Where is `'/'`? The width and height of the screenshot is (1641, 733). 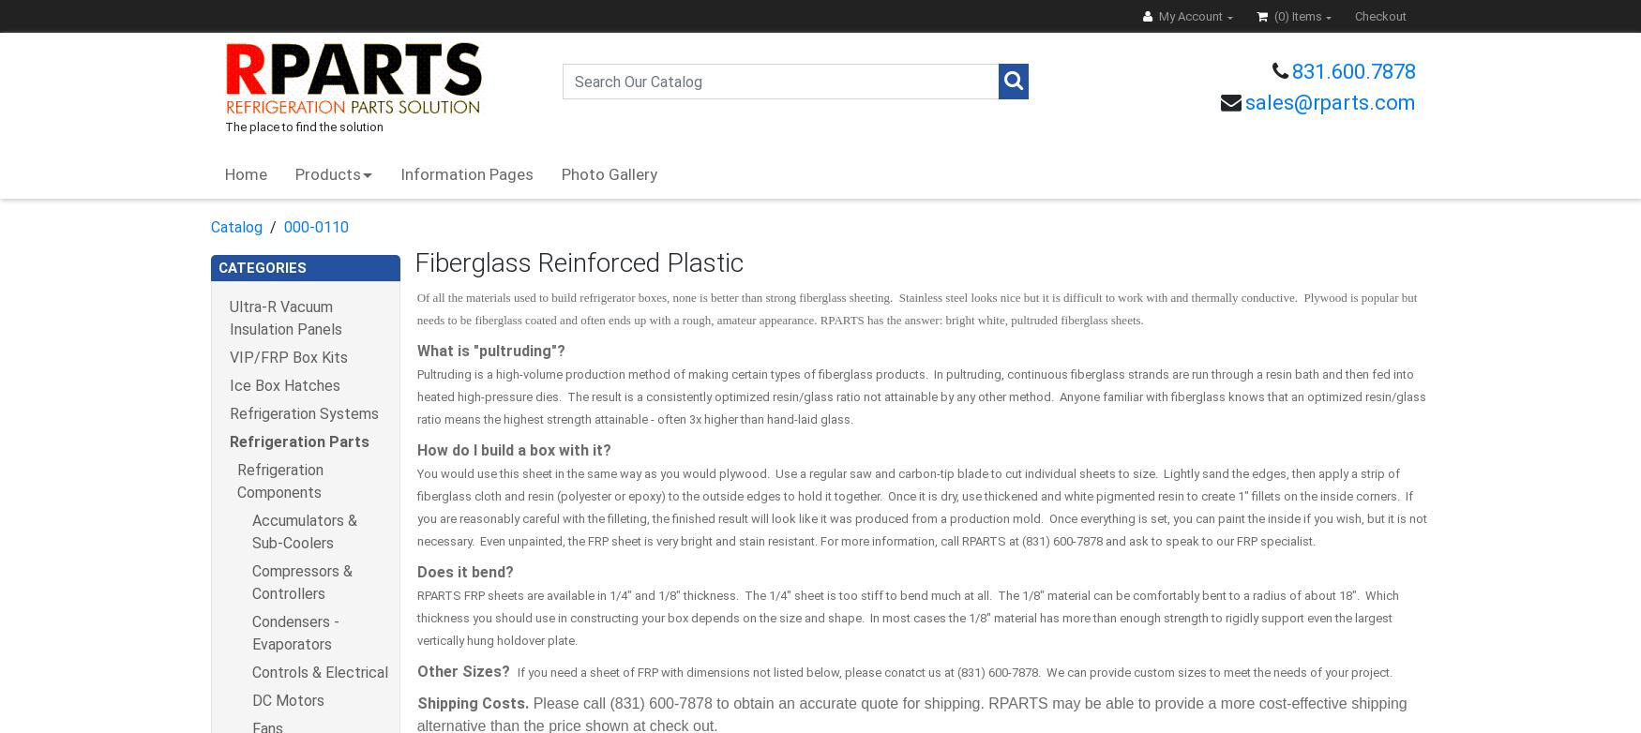 '/' is located at coordinates (262, 225).